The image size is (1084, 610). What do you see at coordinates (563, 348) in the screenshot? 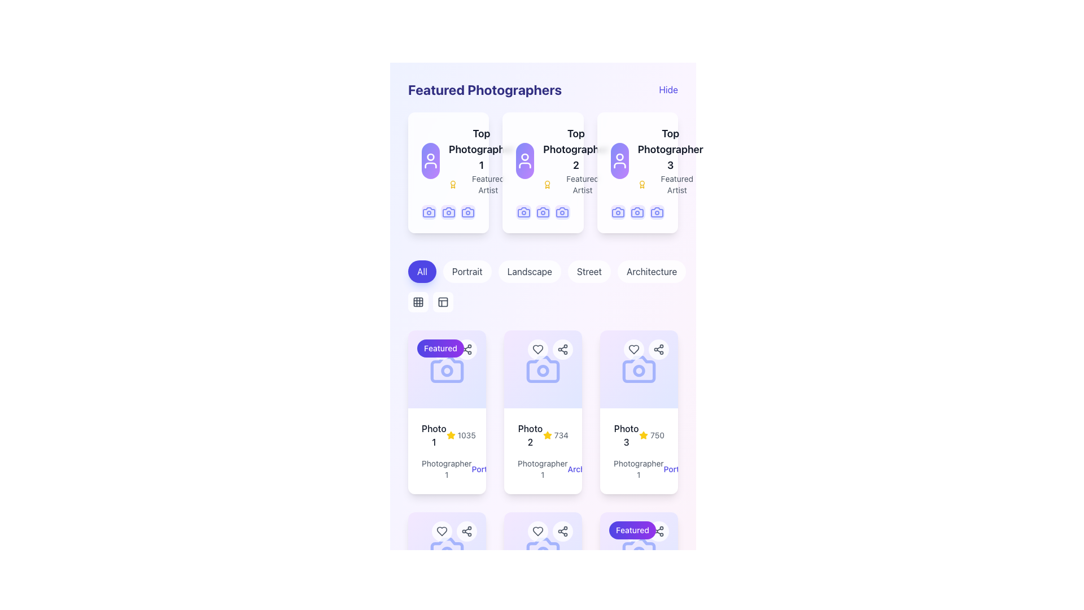
I see `the share icon located at the top-right corner of the card titled 'Photo 2', which allows sharing of the associated content` at bounding box center [563, 348].